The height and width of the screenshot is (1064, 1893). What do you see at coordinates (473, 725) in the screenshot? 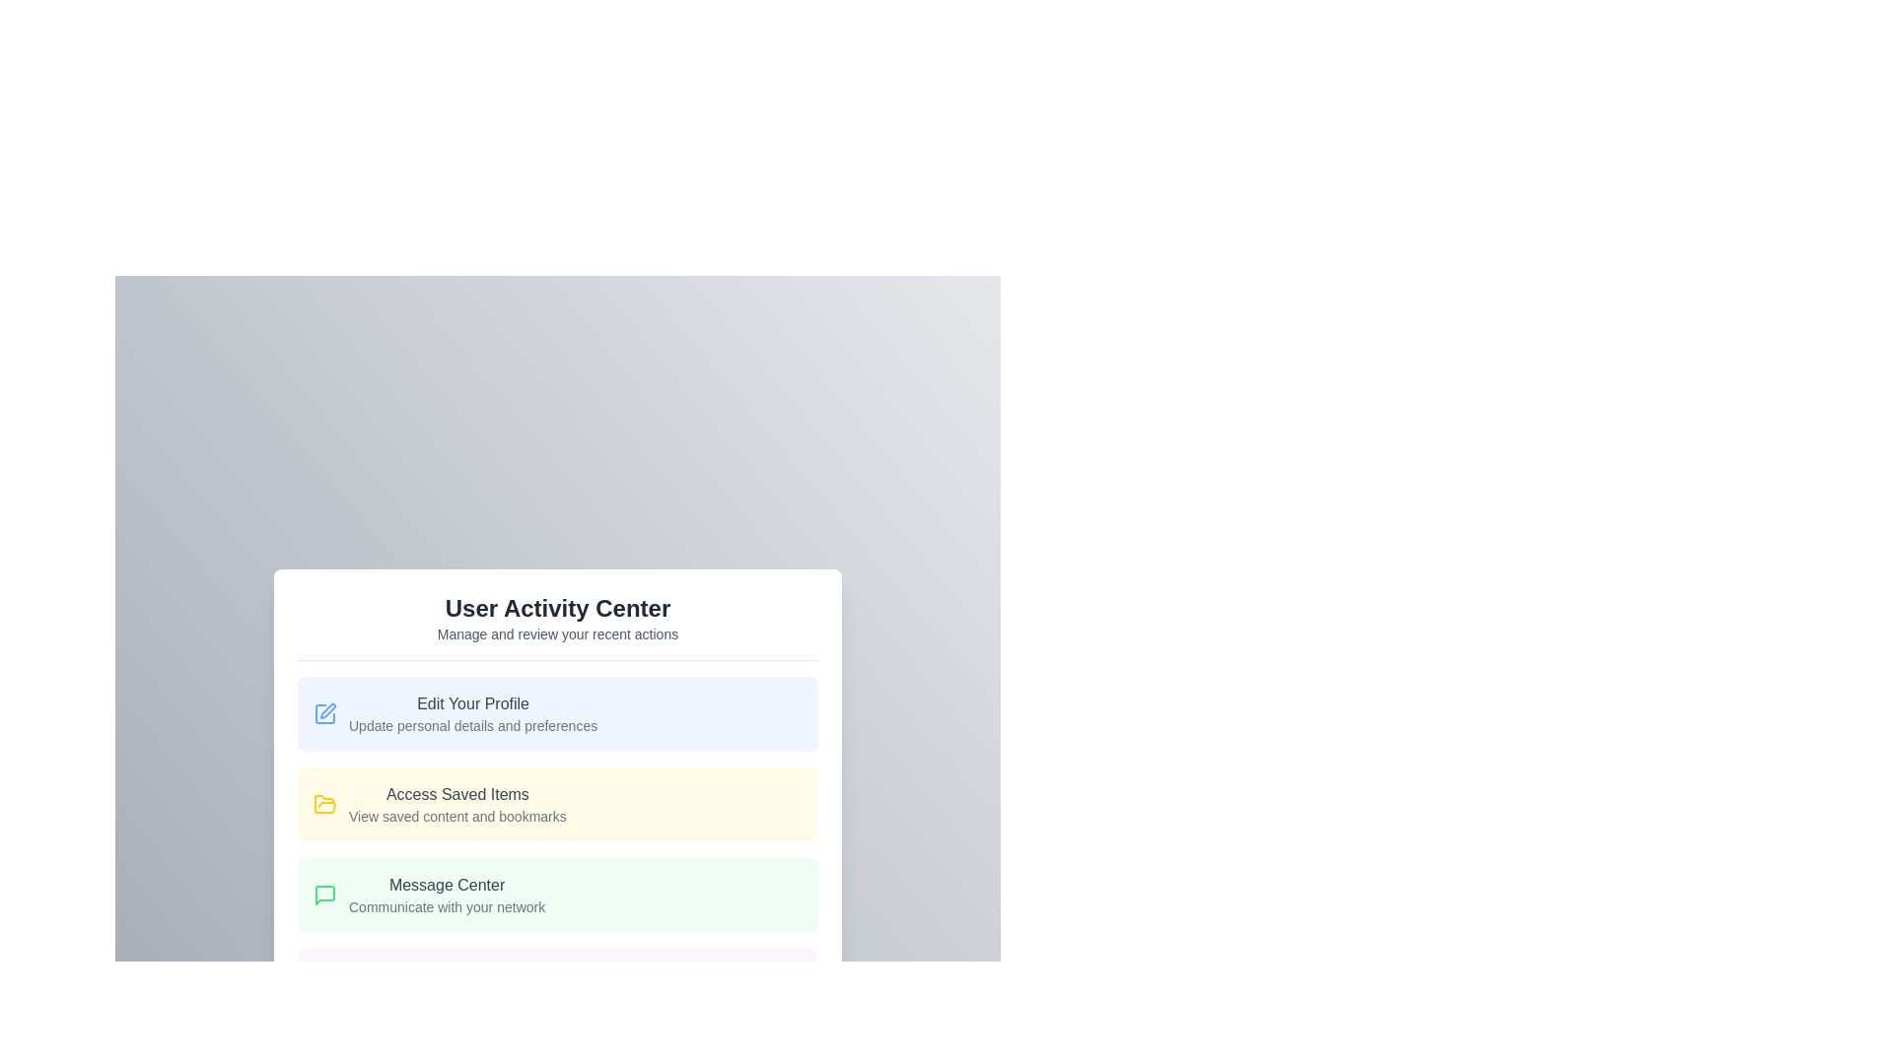
I see `descriptive text 'Update personal details and preferences' located under the heading 'Edit Your Profile' in the User Activity Center section` at bounding box center [473, 725].